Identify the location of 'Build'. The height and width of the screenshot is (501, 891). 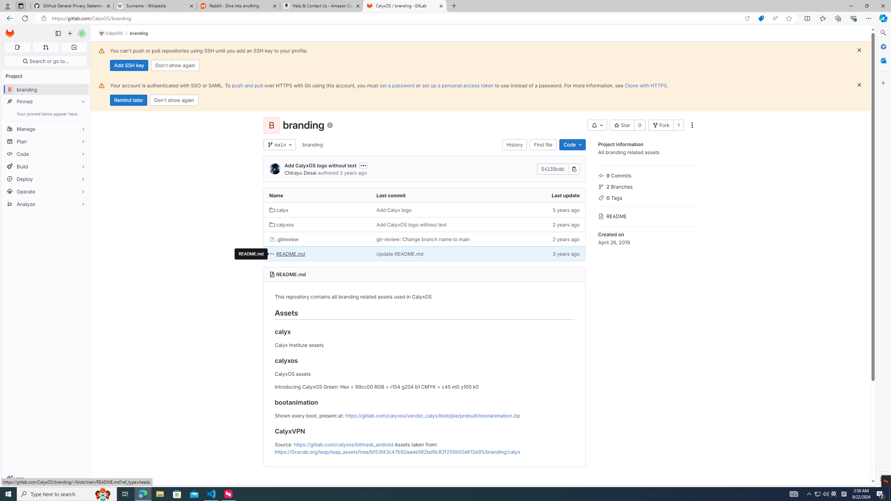
(45, 166).